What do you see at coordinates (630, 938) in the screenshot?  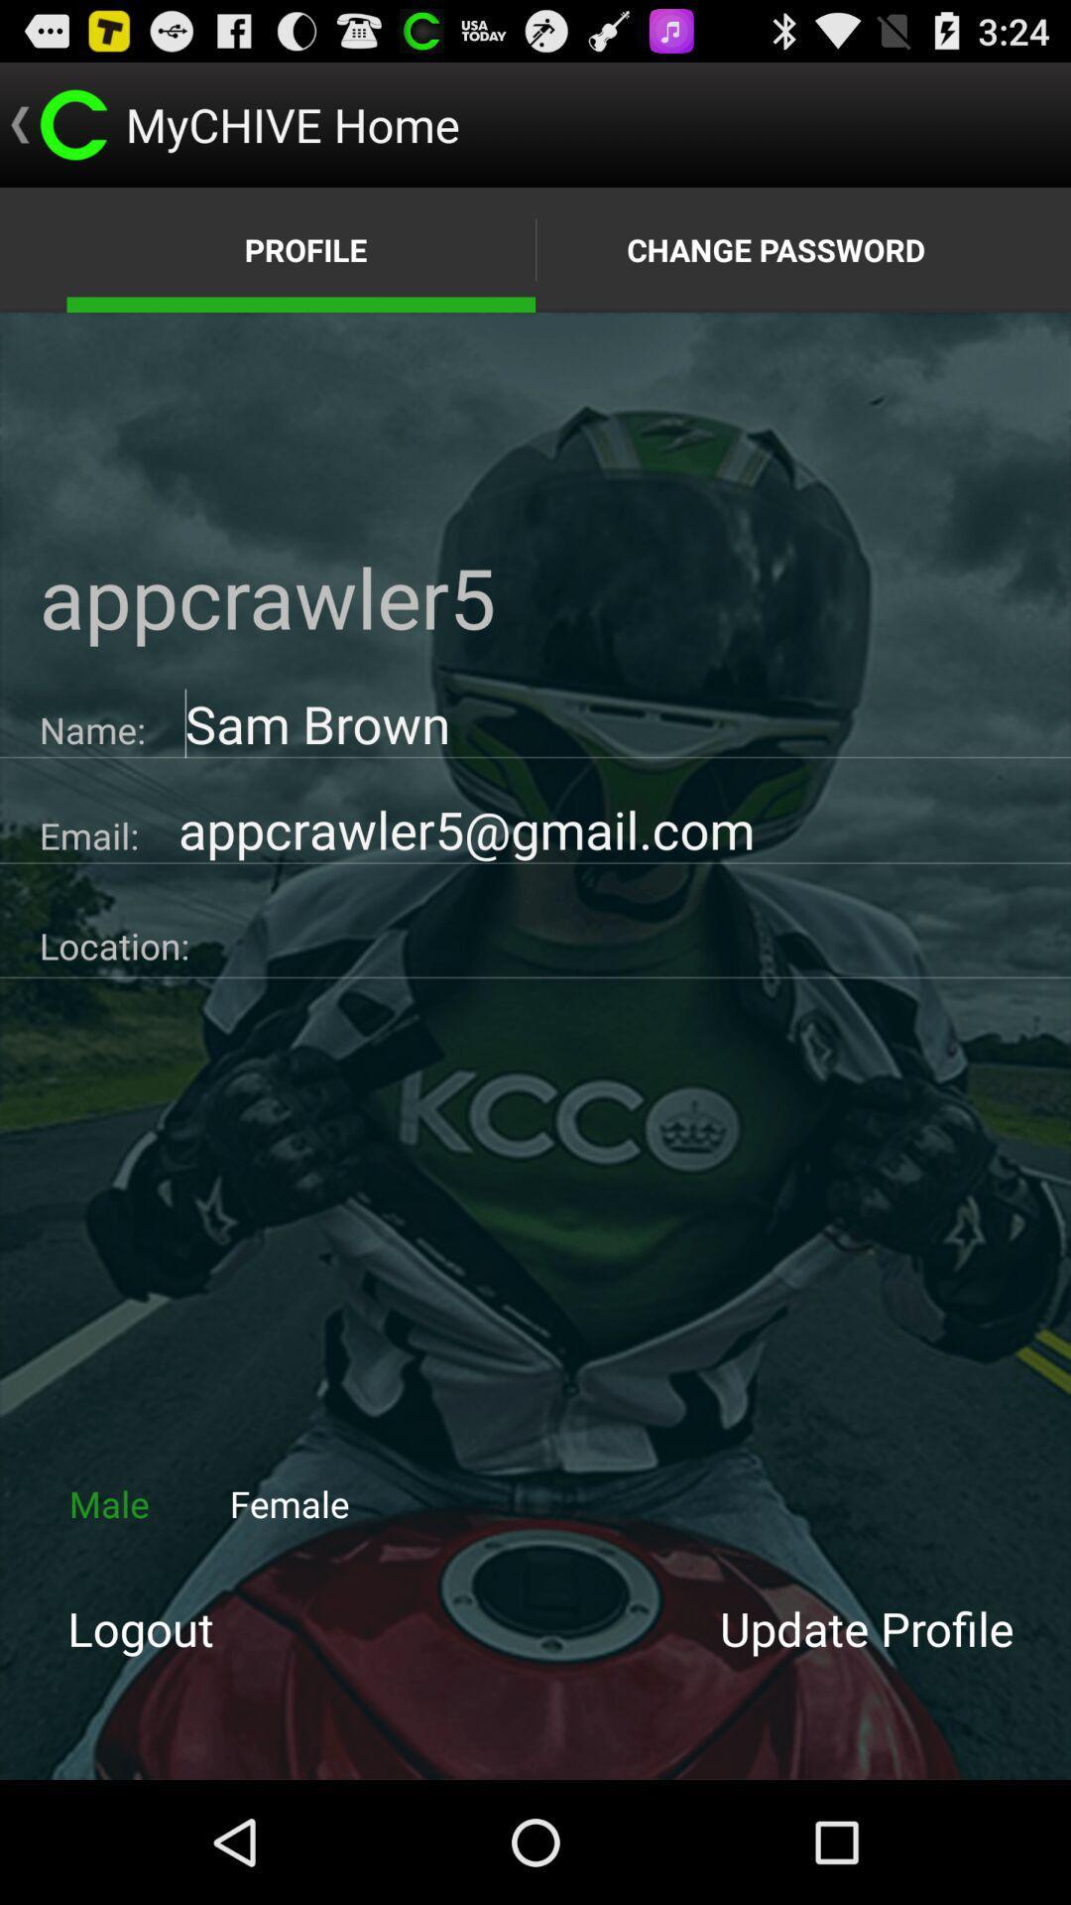 I see `to enter location information` at bounding box center [630, 938].